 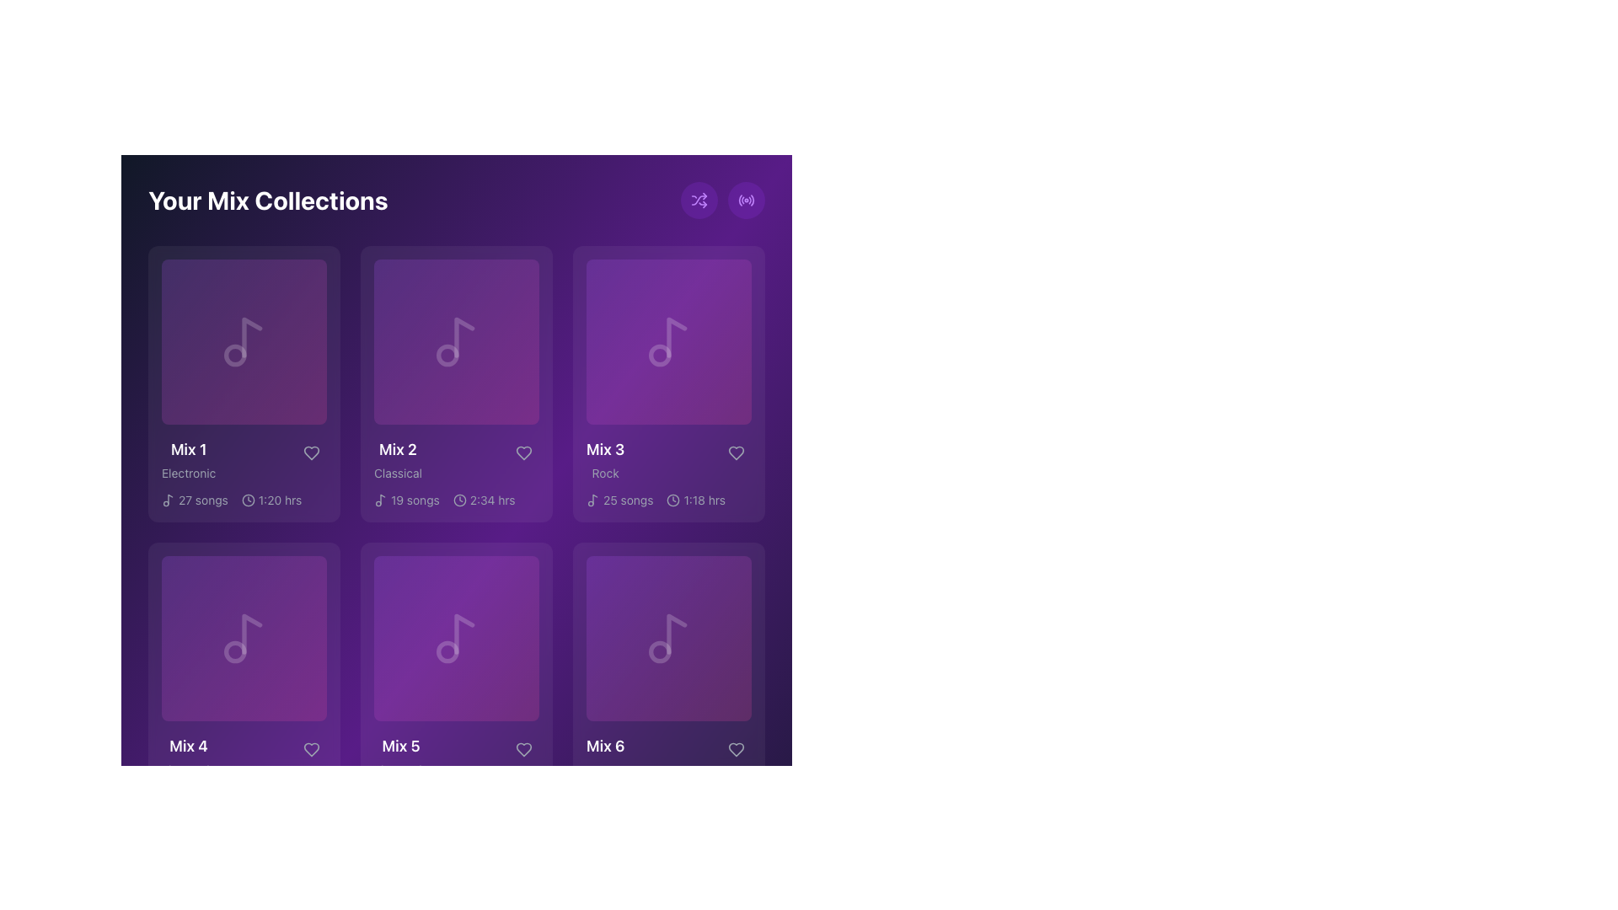 I want to click on the label displaying '19 songs' with a music note icon, located in the upper-middle card of the mix collection metadata section, so click(x=406, y=500).